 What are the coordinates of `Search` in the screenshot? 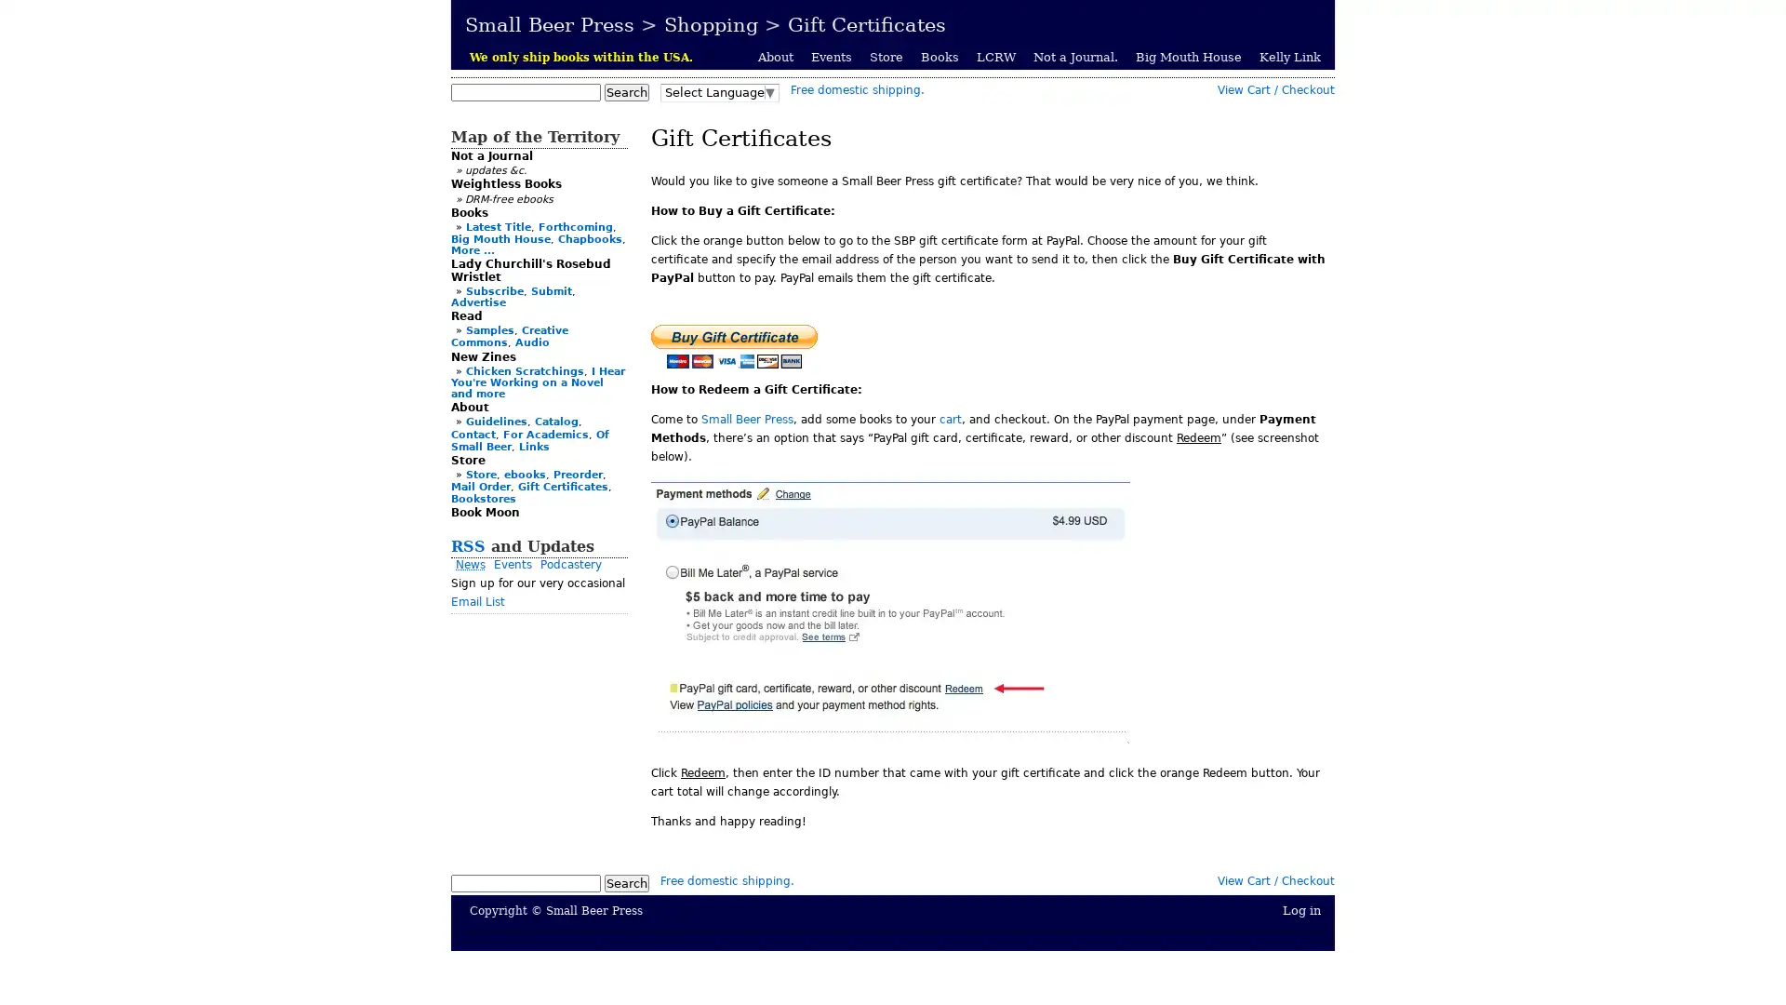 It's located at (626, 882).